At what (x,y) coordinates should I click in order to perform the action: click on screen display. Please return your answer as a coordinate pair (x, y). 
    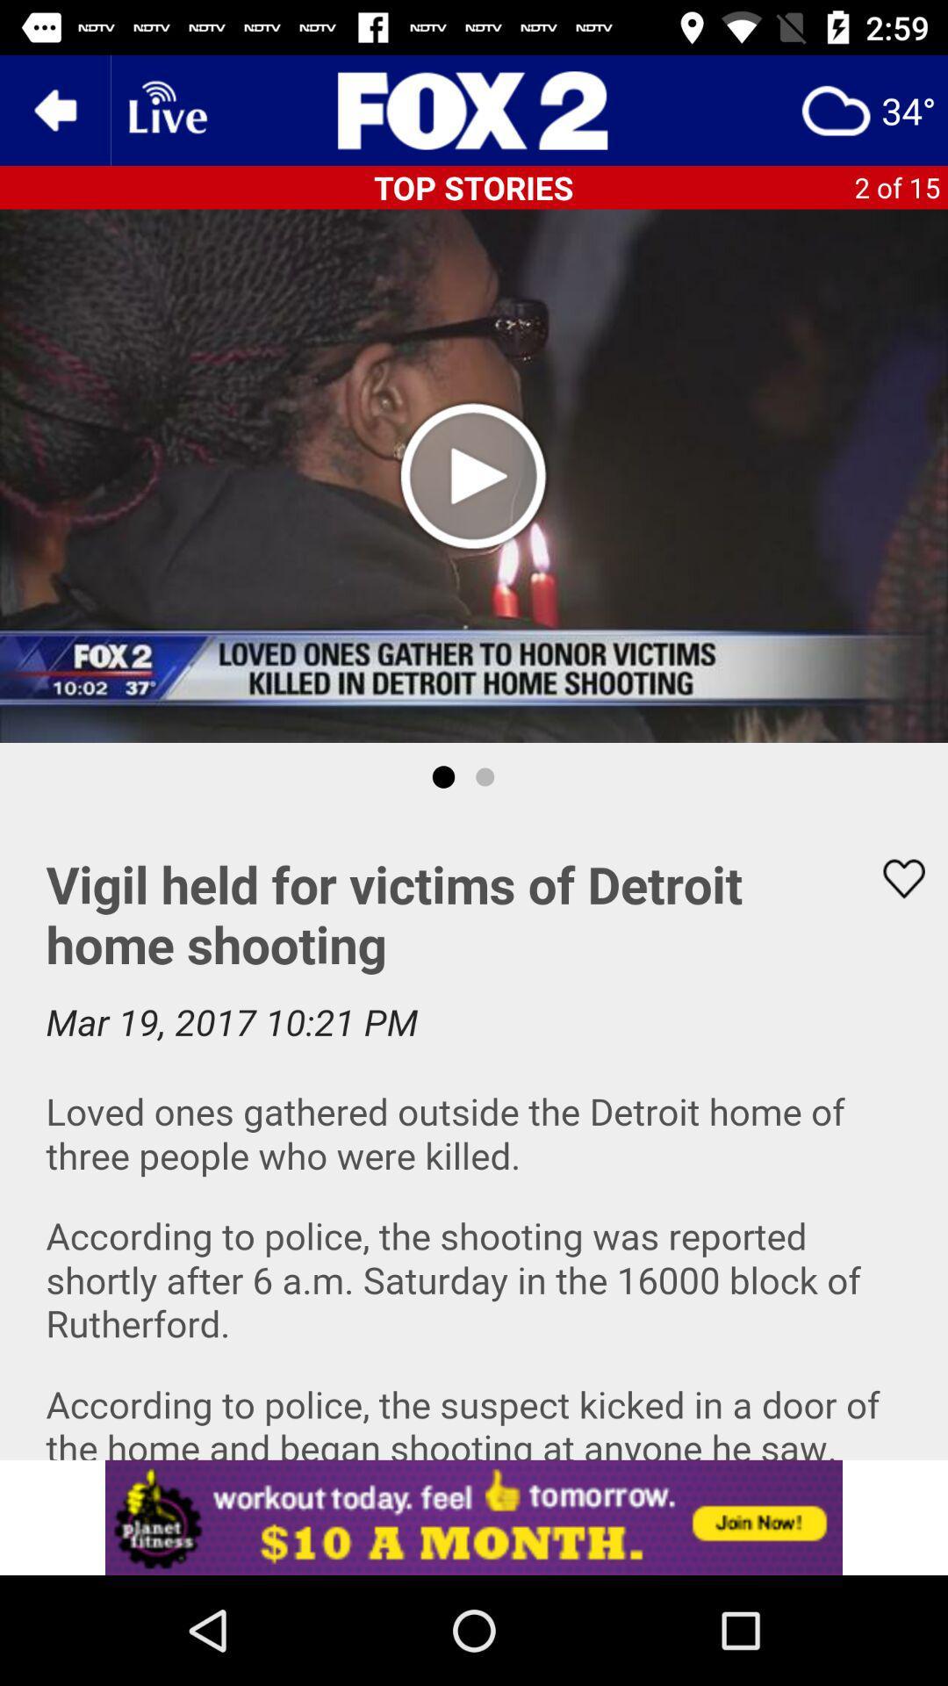
    Looking at the image, I should click on (474, 1135).